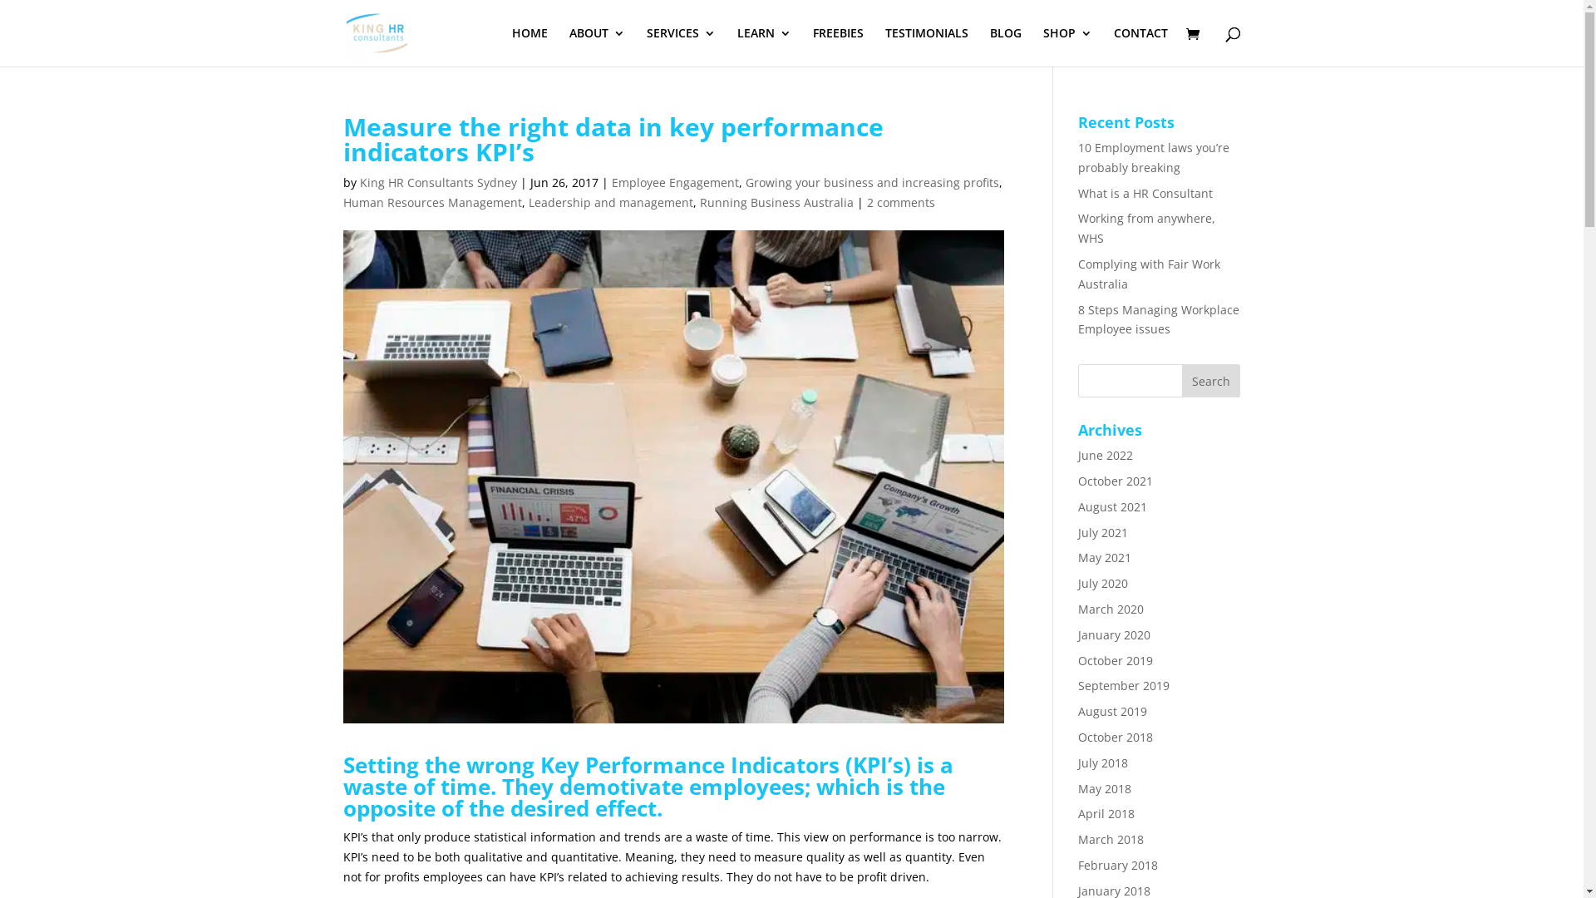  Describe the element at coordinates (1106, 812) in the screenshot. I see `'April 2018'` at that location.